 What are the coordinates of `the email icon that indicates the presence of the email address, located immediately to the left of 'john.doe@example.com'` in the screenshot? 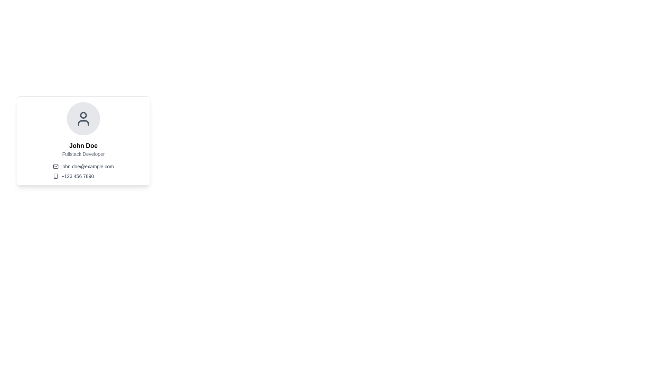 It's located at (56, 167).